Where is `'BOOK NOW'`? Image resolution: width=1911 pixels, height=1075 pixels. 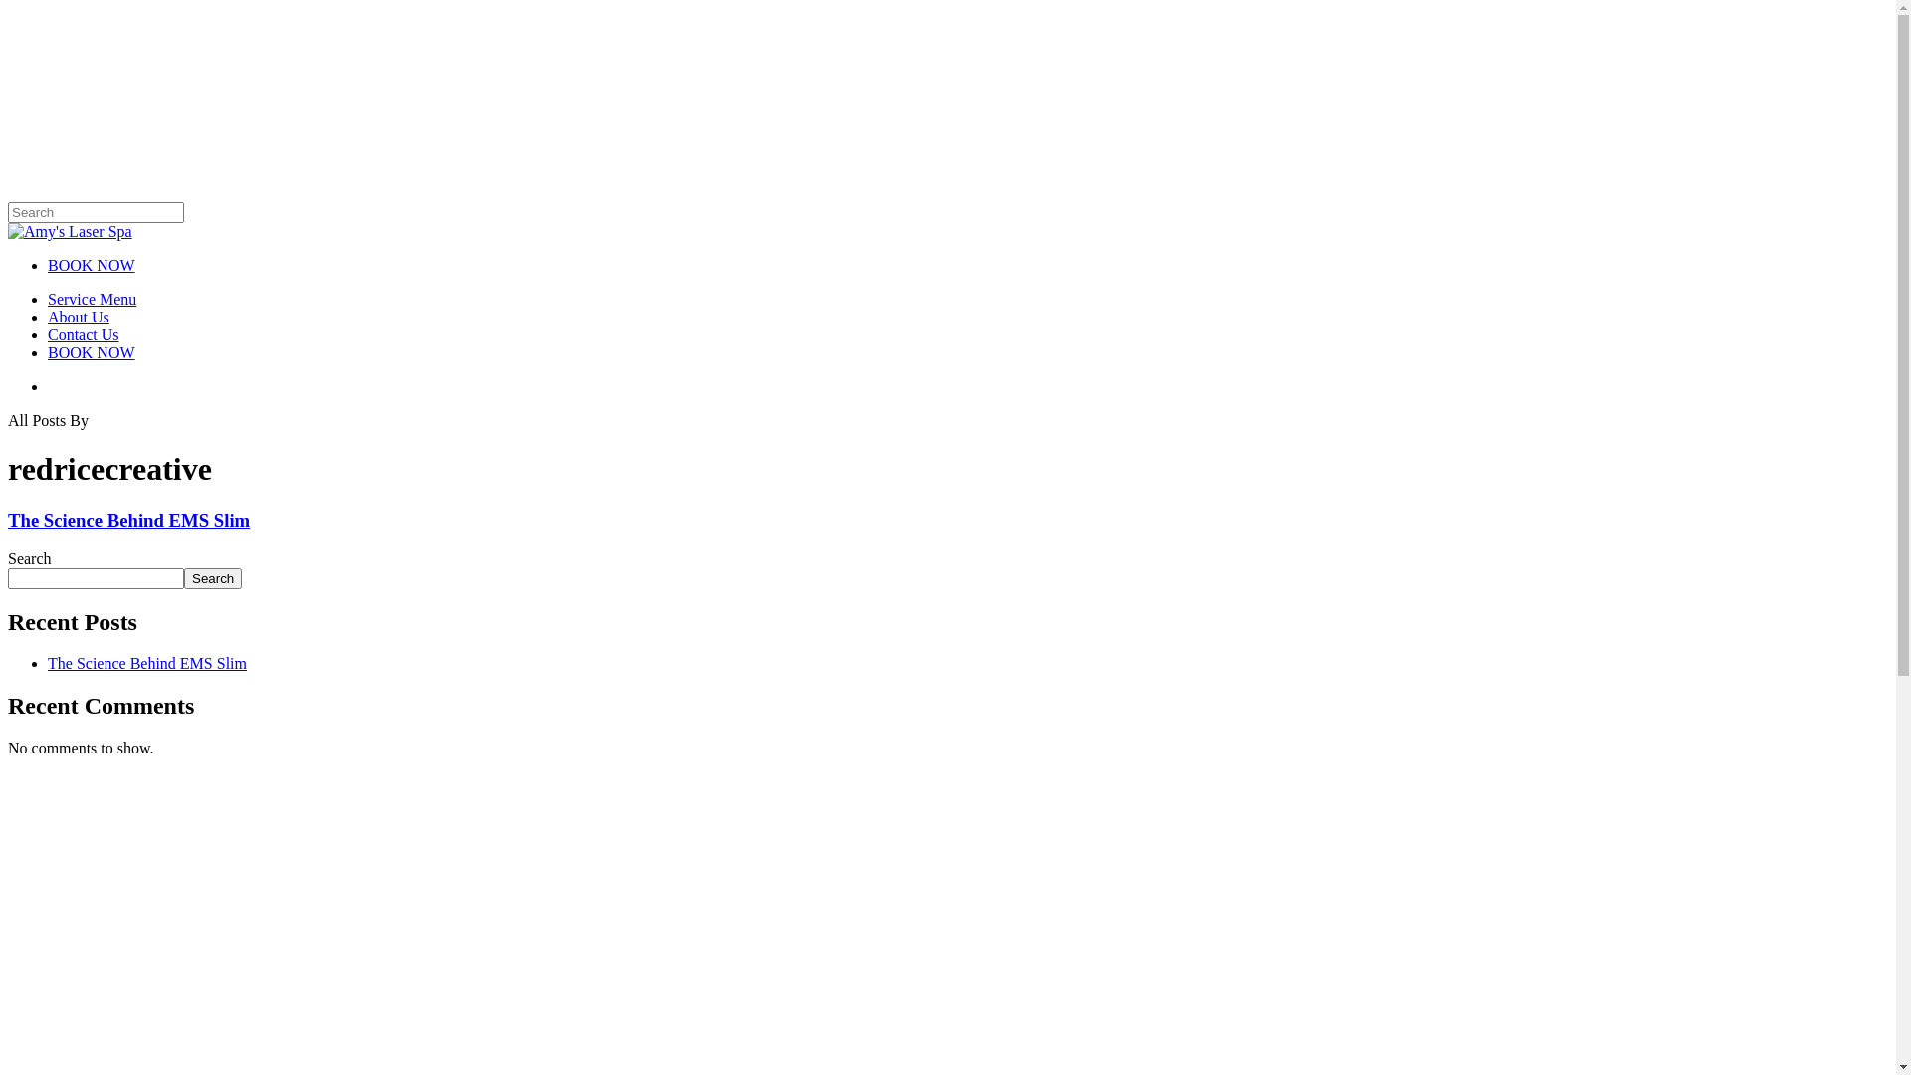
'BOOK NOW' is located at coordinates (90, 264).